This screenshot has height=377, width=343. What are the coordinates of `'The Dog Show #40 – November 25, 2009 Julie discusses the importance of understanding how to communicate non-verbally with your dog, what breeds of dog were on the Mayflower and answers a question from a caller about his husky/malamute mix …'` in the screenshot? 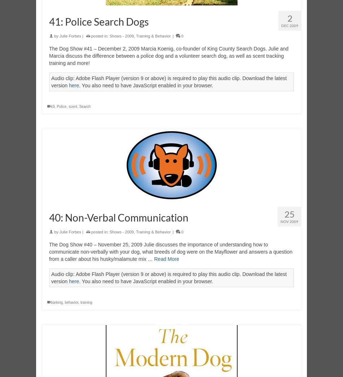 It's located at (49, 251).